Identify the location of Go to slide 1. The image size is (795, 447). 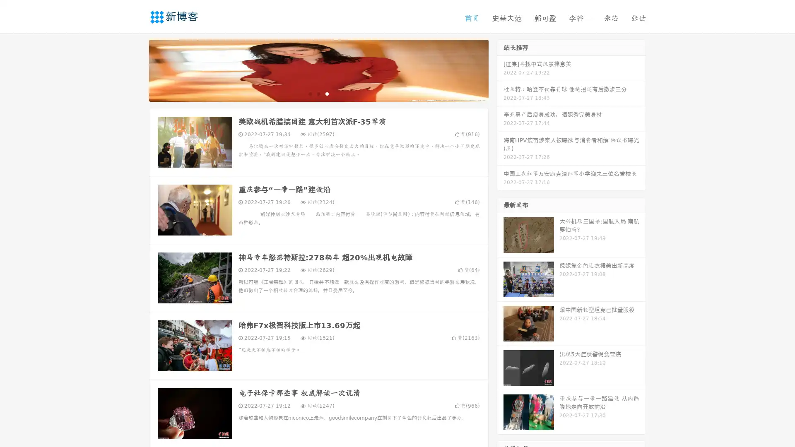
(310, 93).